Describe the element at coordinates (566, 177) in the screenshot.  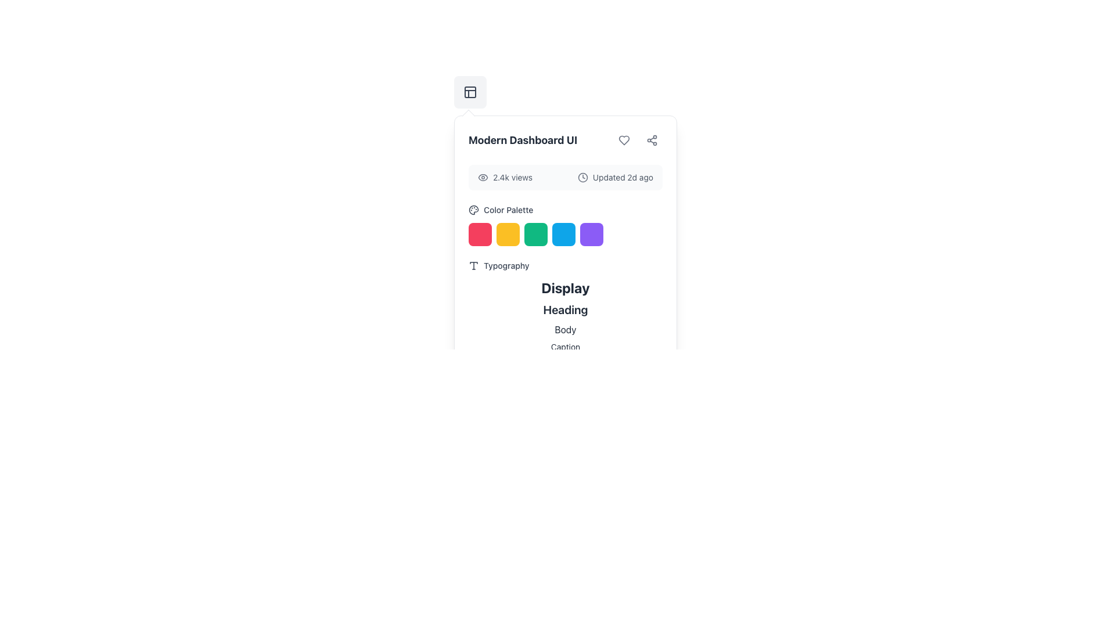
I see `displayed information from the informational status bar located directly below the title 'Modern Dashboard UI' and above the 'Color Palette' section` at that location.